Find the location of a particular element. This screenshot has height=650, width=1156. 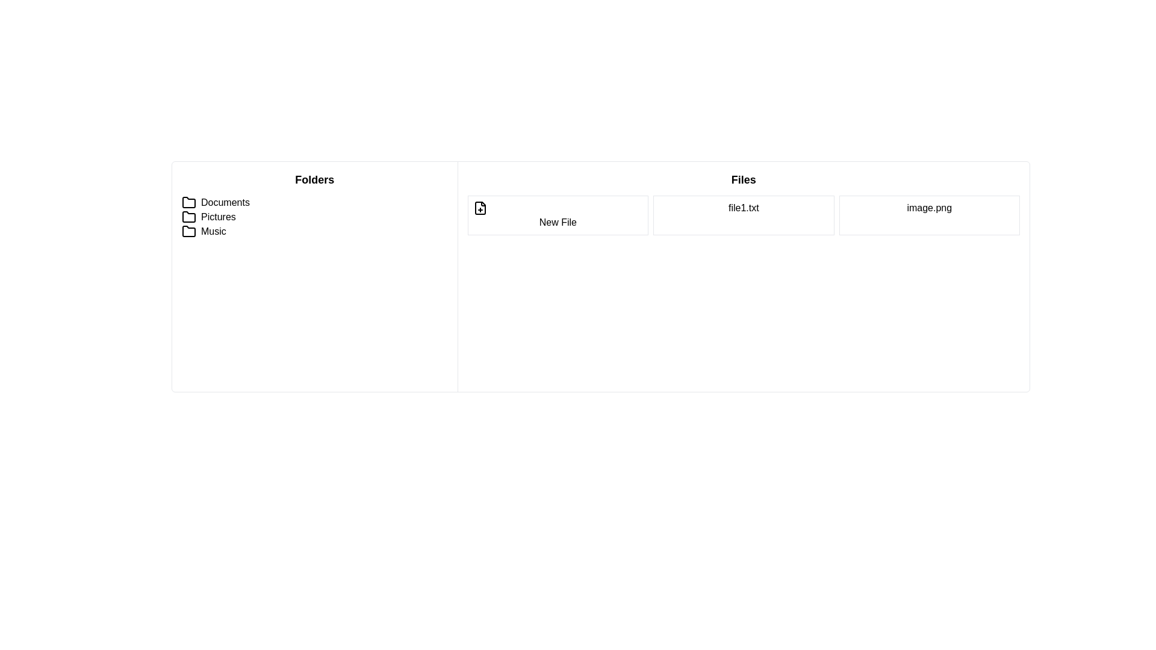

the 'Music' folder item, which is the third item in the vertical list of folders is located at coordinates (314, 232).